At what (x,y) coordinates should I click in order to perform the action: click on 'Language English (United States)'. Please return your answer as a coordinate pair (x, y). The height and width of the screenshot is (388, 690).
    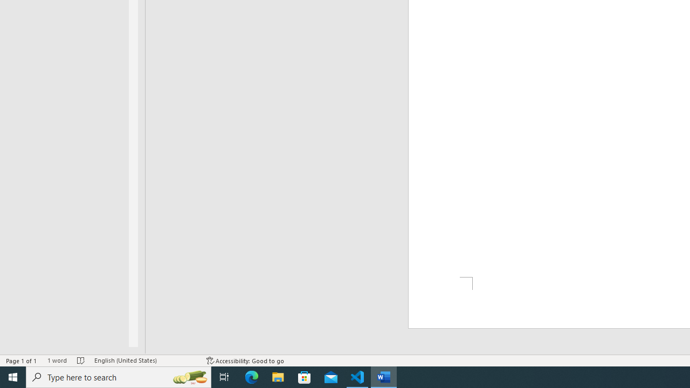
    Looking at the image, I should click on (144, 361).